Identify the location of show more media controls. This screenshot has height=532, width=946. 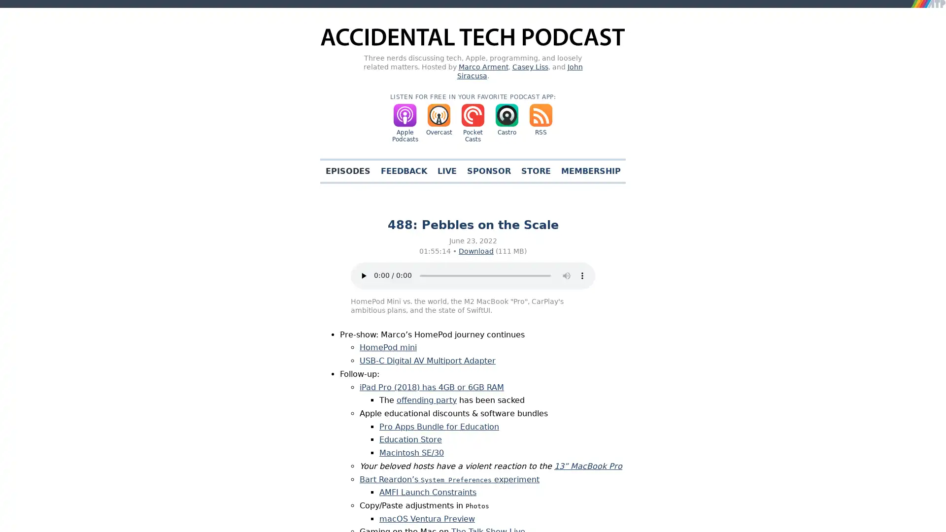
(582, 275).